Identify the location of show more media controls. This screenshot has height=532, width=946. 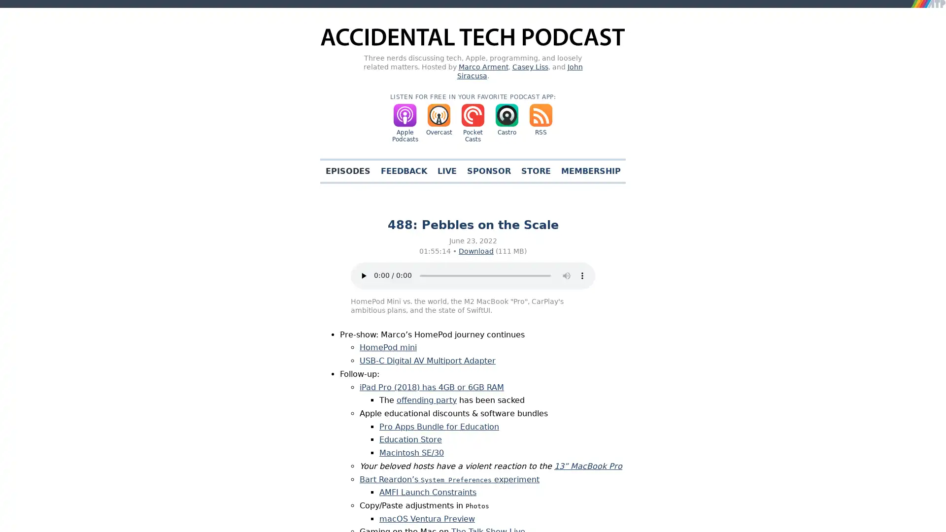
(582, 275).